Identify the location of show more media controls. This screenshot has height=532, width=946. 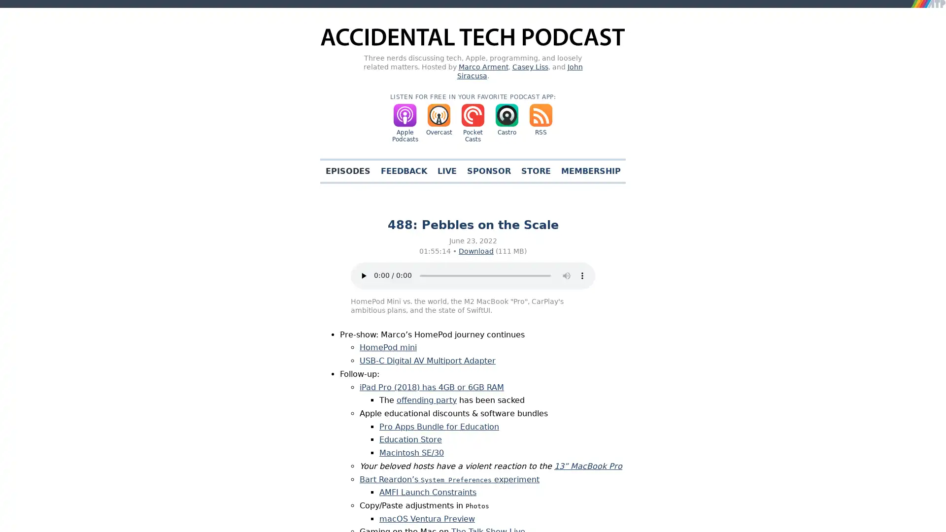
(582, 275).